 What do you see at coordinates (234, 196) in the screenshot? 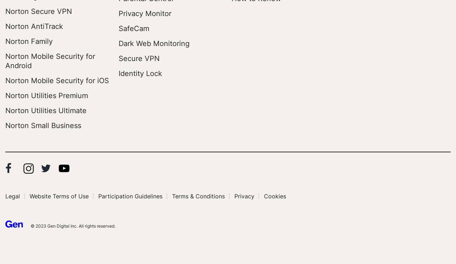
I see `'Privacy'` at bounding box center [234, 196].